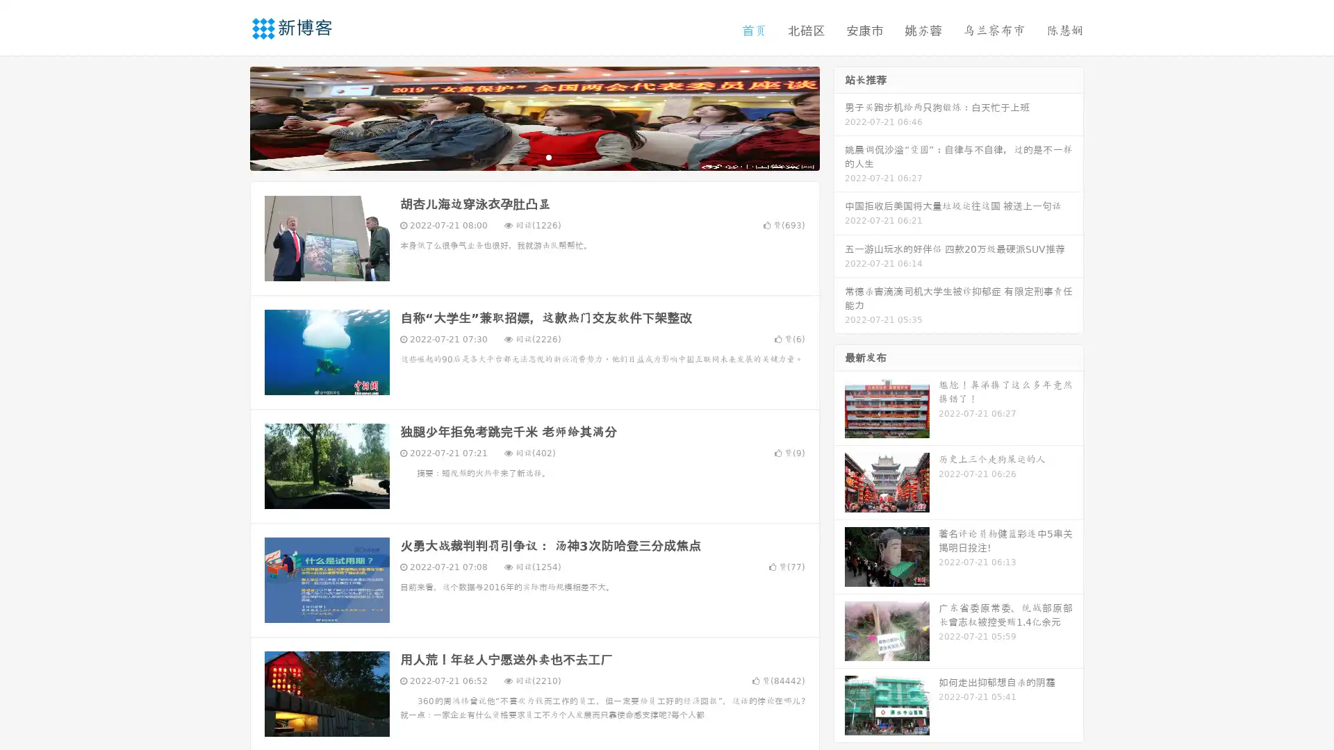 Image resolution: width=1334 pixels, height=750 pixels. What do you see at coordinates (839, 117) in the screenshot?
I see `Next slide` at bounding box center [839, 117].